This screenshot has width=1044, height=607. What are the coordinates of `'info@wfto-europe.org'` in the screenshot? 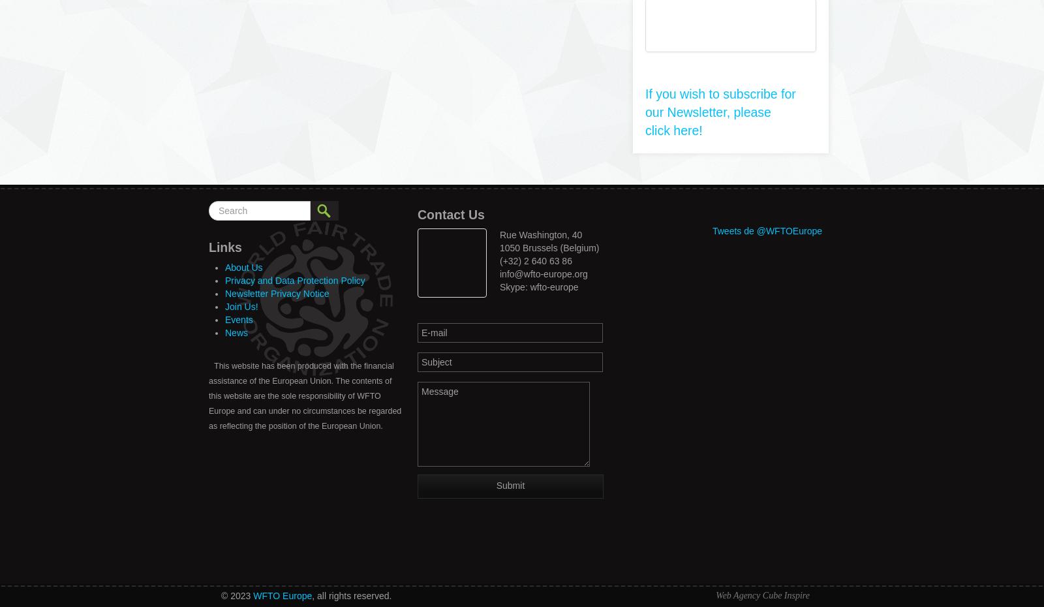 It's located at (542, 273).